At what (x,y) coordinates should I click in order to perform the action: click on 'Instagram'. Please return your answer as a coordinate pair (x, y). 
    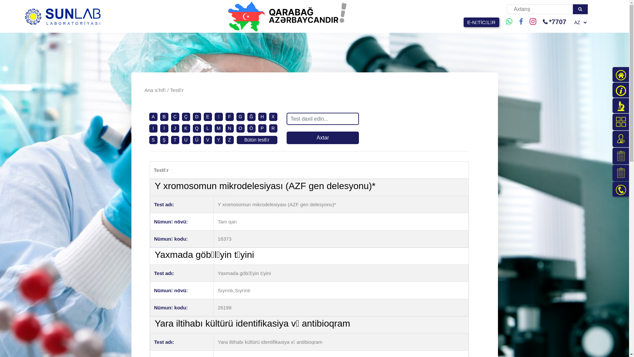
    Looking at the image, I should click on (533, 21).